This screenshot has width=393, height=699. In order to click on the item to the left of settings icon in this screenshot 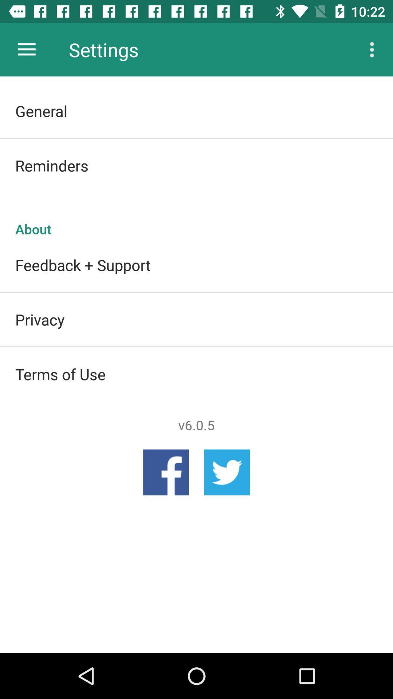, I will do `click(26, 49)`.